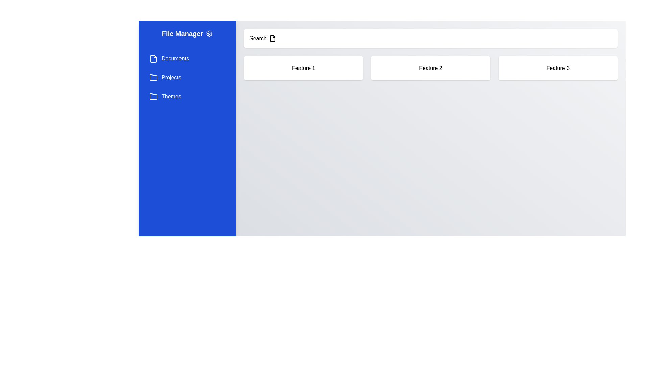  I want to click on the sidebar item Projects to navigate to the respective section, so click(187, 77).